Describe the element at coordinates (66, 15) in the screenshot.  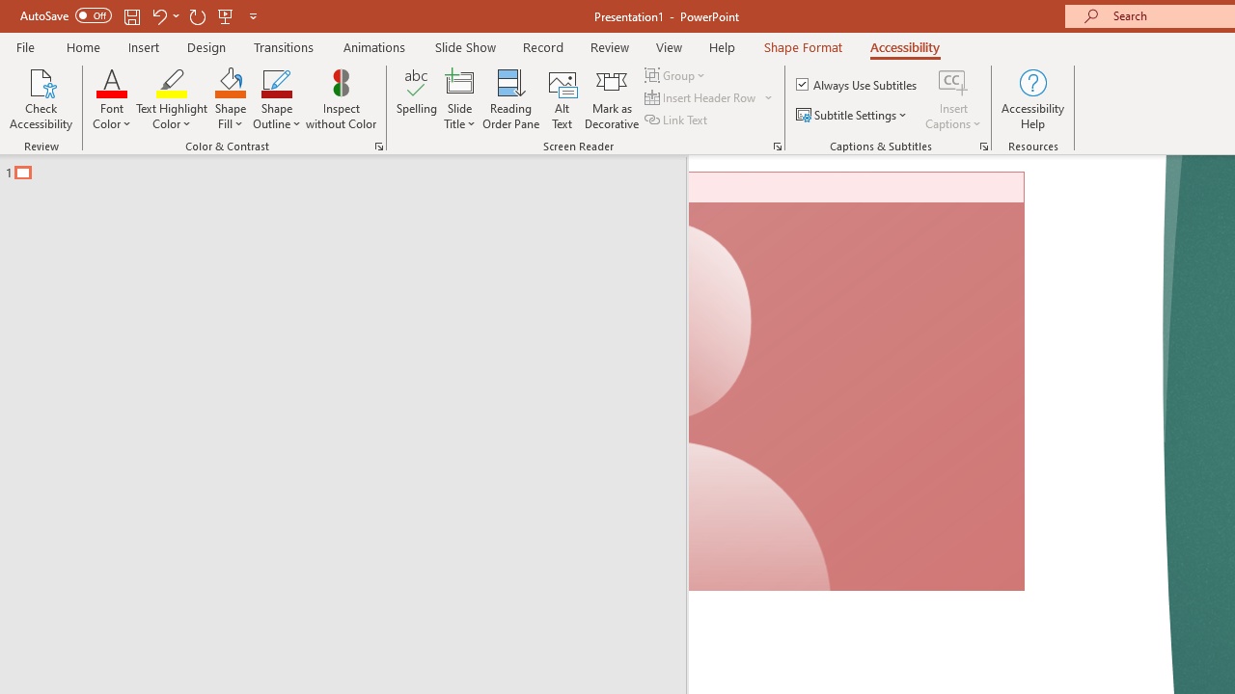
I see `'AutoSave'` at that location.